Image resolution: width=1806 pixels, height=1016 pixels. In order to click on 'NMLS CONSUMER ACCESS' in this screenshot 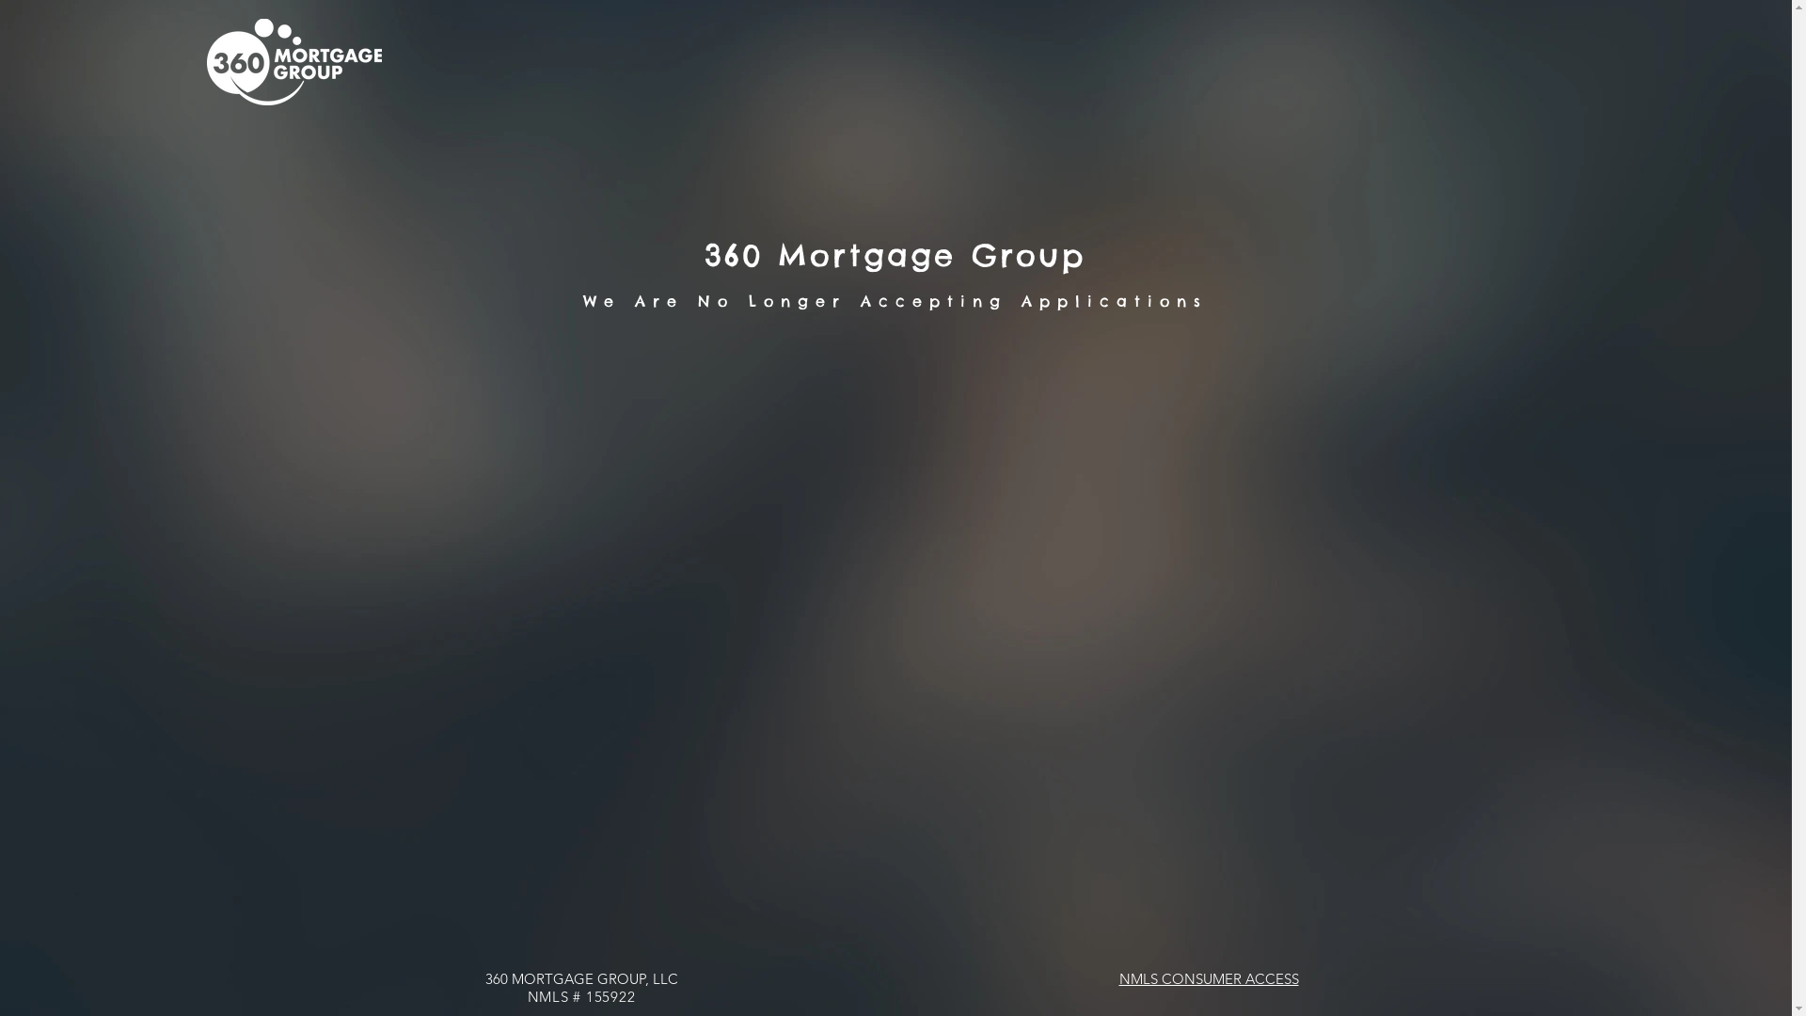, I will do `click(1209, 977)`.